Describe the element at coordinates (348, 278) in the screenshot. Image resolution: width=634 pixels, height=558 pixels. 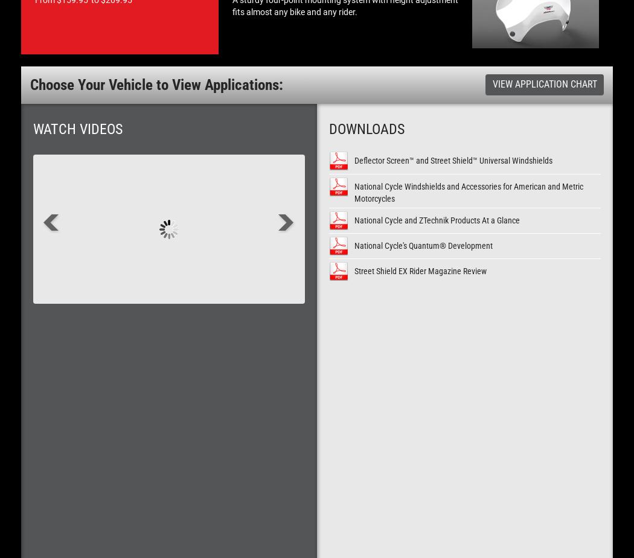
I see `'Polycarbonate or Acrylic? YOU Decide!'` at that location.